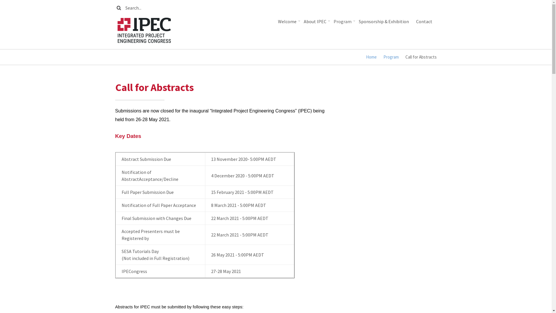  What do you see at coordinates (144, 29) in the screenshot?
I see `'Home'` at bounding box center [144, 29].